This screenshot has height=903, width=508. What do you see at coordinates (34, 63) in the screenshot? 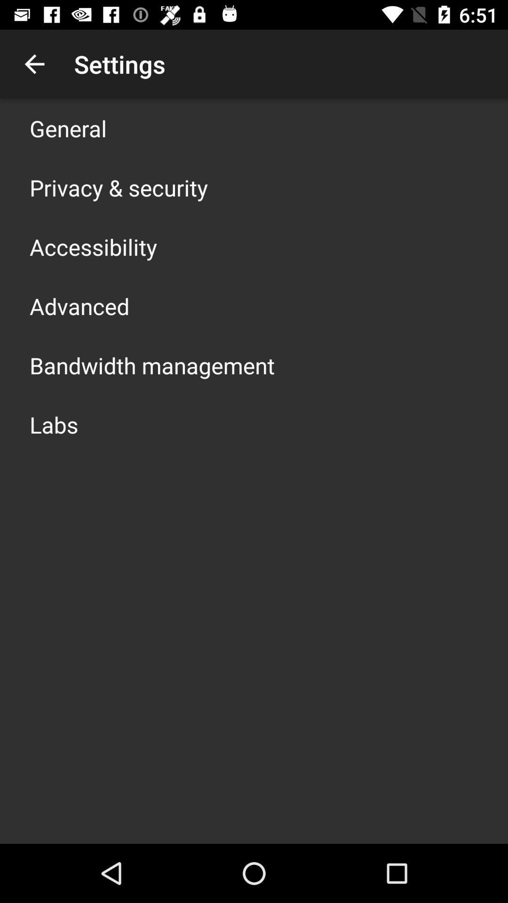
I see `the icon to the left of the settings` at bounding box center [34, 63].